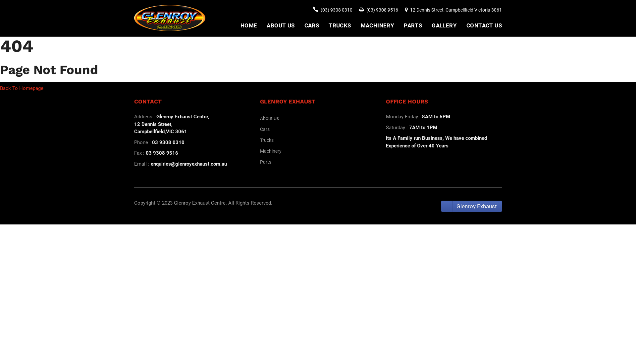 The width and height of the screenshot is (636, 357). I want to click on 'Glenroy Exhaust', so click(471, 206).